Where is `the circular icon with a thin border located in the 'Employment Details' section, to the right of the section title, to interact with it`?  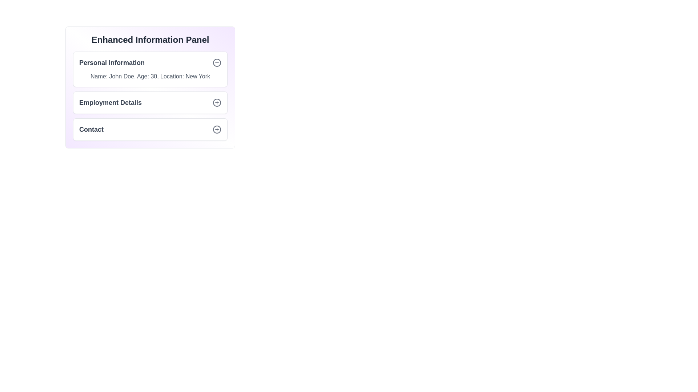
the circular icon with a thin border located in the 'Employment Details' section, to the right of the section title, to interact with it is located at coordinates (216, 102).